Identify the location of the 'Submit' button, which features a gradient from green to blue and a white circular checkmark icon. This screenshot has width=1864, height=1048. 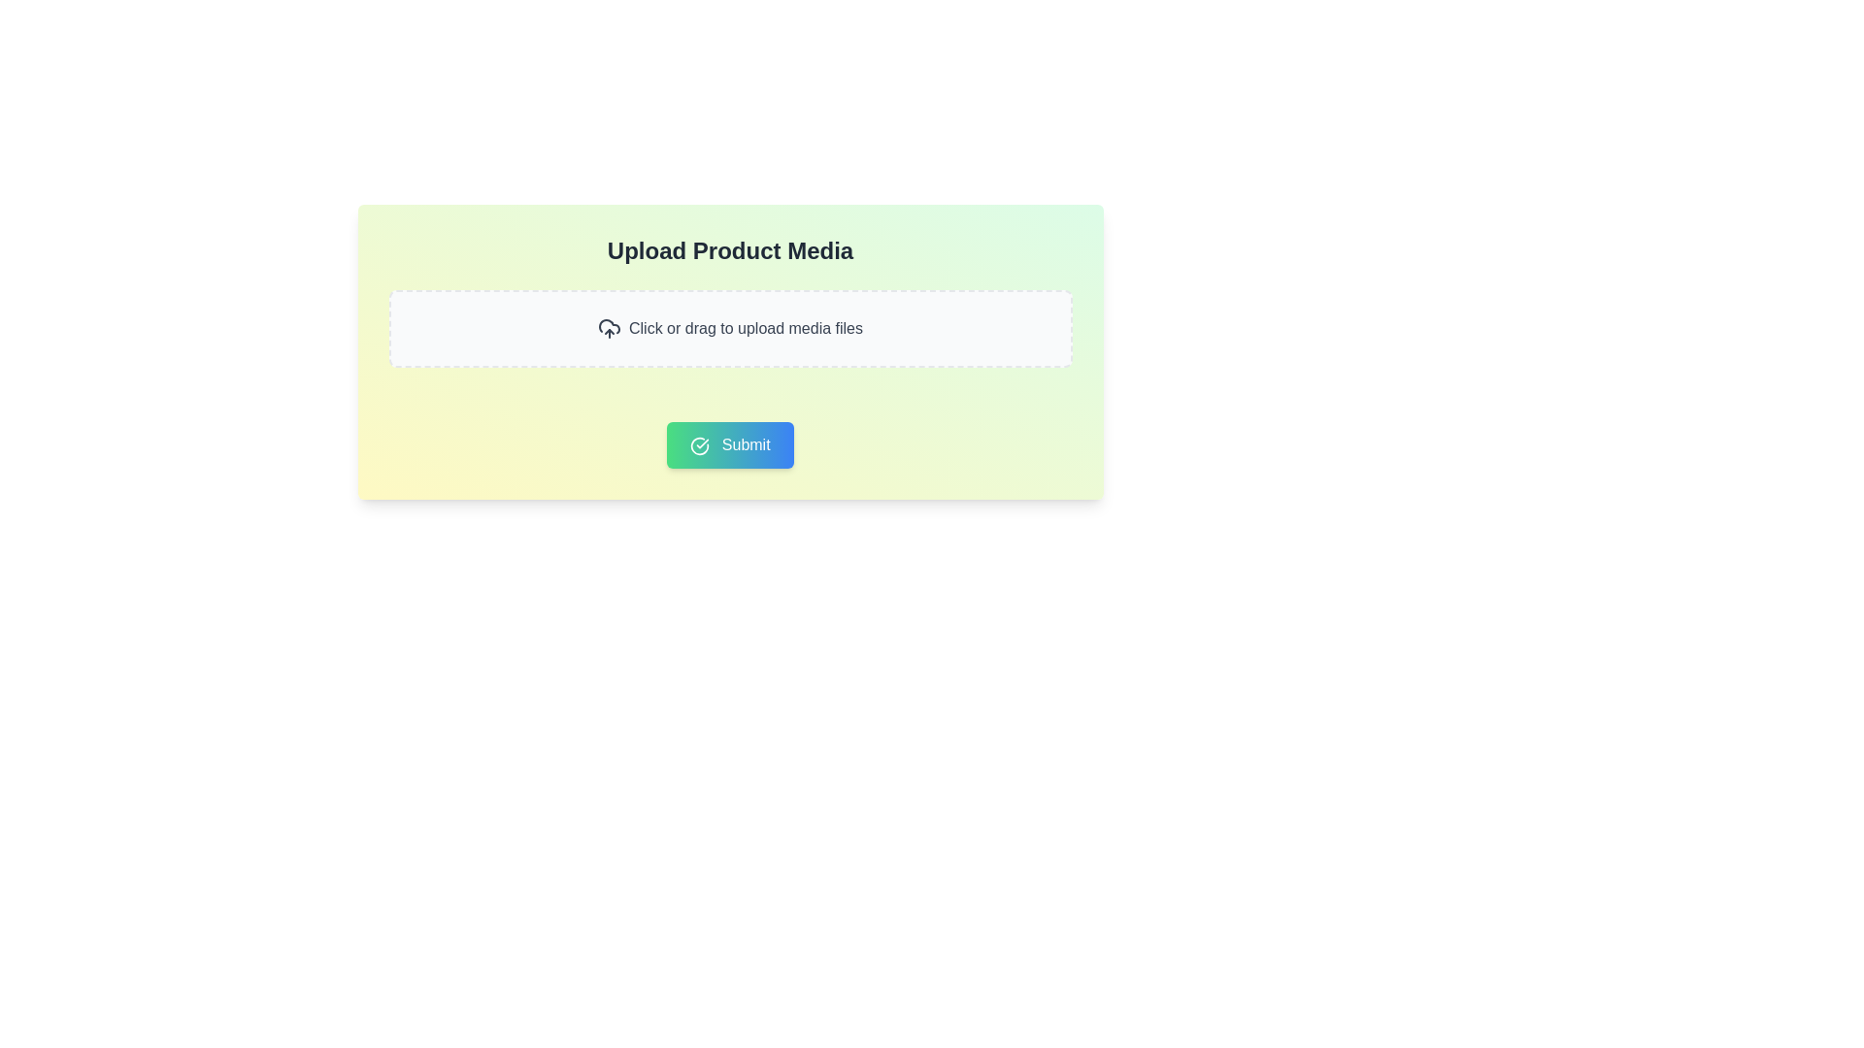
(729, 445).